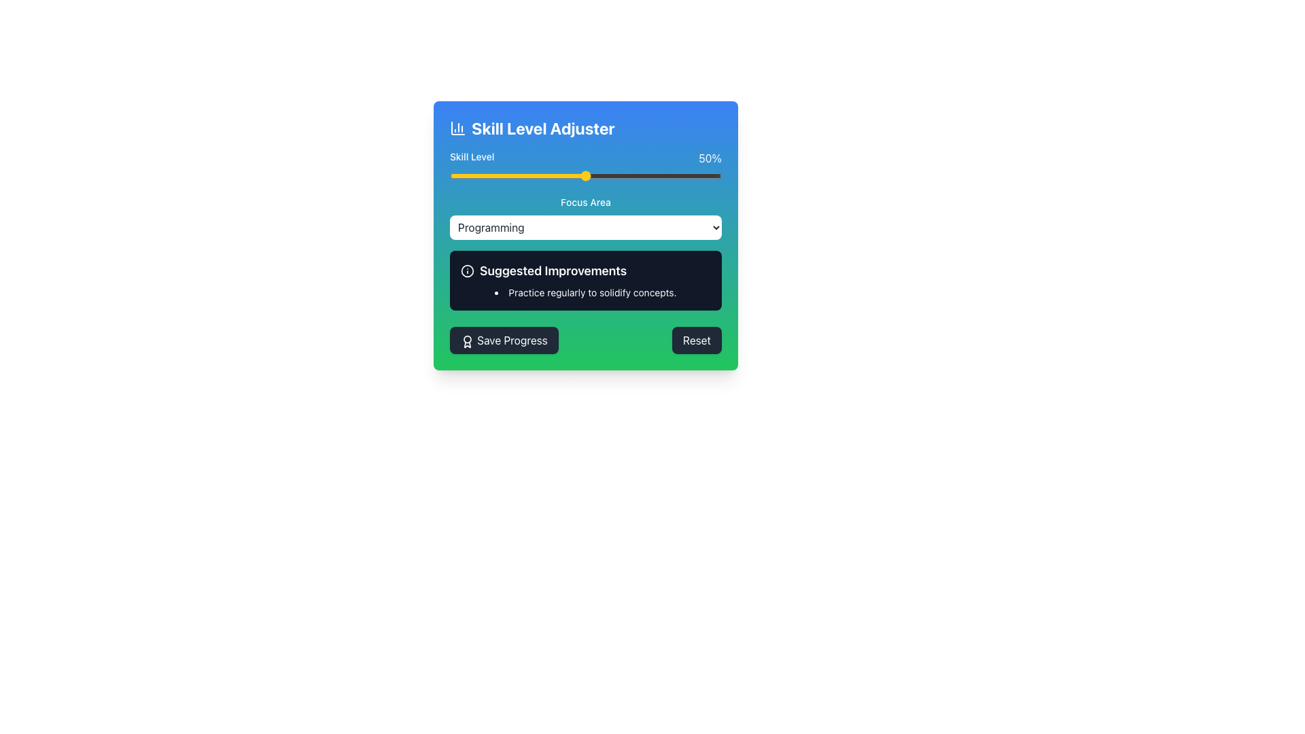 Image resolution: width=1305 pixels, height=734 pixels. What do you see at coordinates (457, 128) in the screenshot?
I see `the decorative icon representing the 'Skill Level Adjuster' on the left side of the header` at bounding box center [457, 128].